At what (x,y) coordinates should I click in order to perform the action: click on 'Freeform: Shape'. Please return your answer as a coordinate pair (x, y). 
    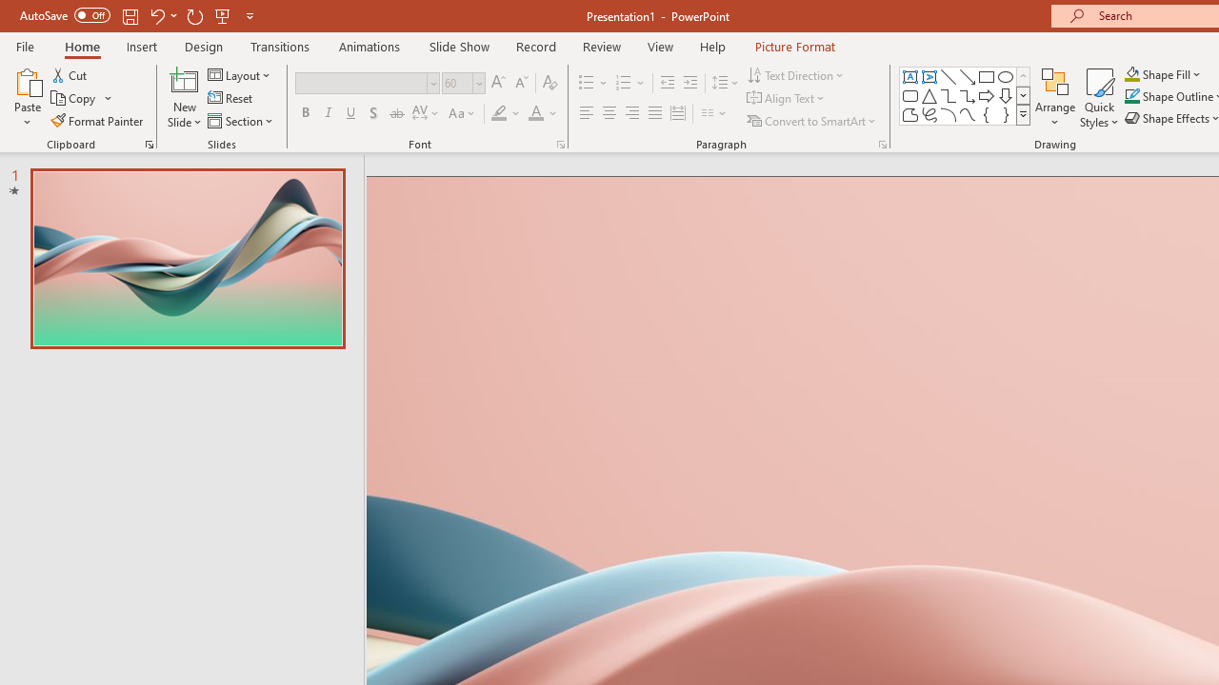
    Looking at the image, I should click on (909, 114).